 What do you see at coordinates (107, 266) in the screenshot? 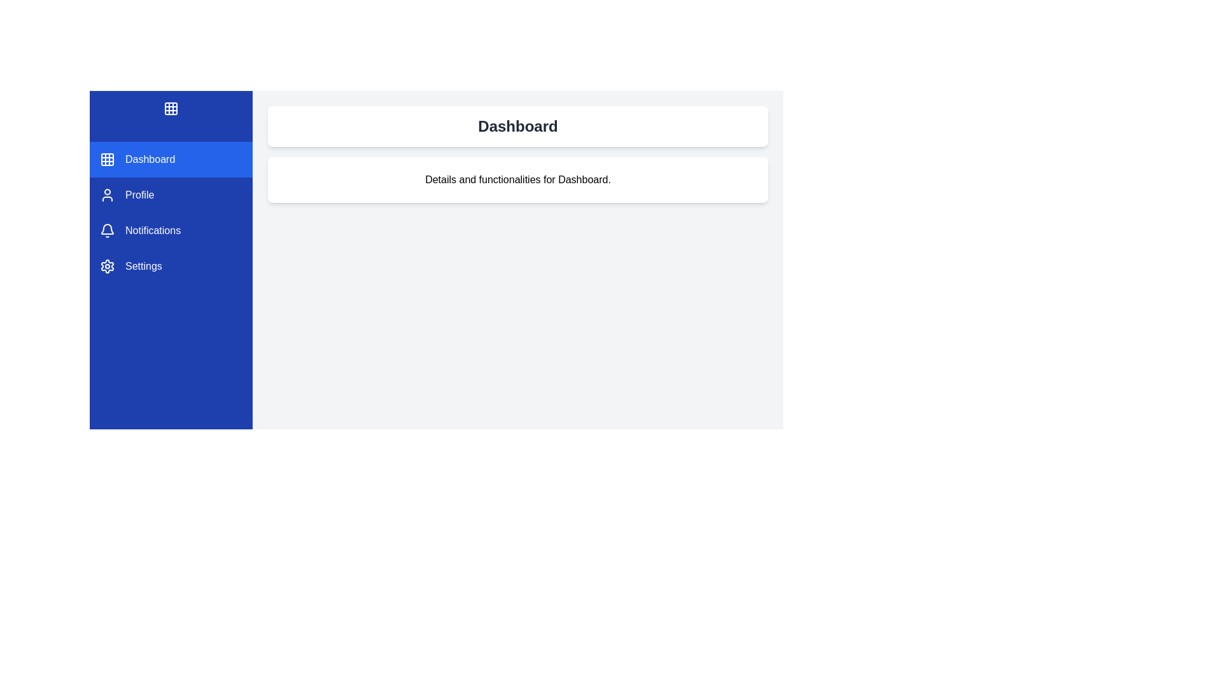
I see `the small gear icon located to the left of the 'Settings' text in the vertical navigation menu to trigger the tooltip or highlight effect` at bounding box center [107, 266].